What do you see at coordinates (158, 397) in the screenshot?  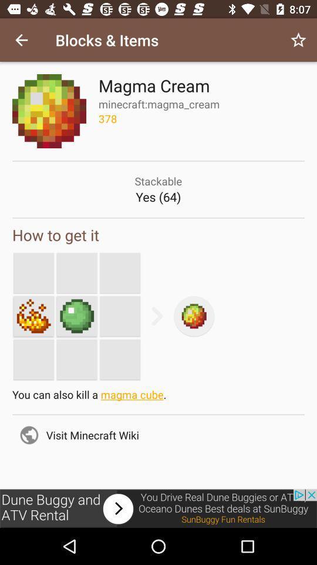 I see `you can also` at bounding box center [158, 397].